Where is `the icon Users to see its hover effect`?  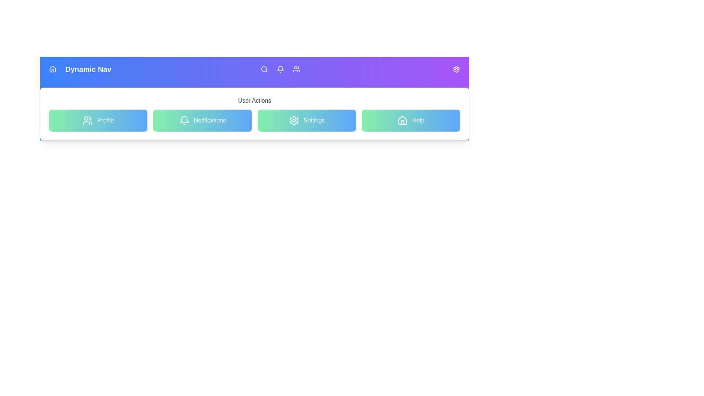
the icon Users to see its hover effect is located at coordinates (297, 69).